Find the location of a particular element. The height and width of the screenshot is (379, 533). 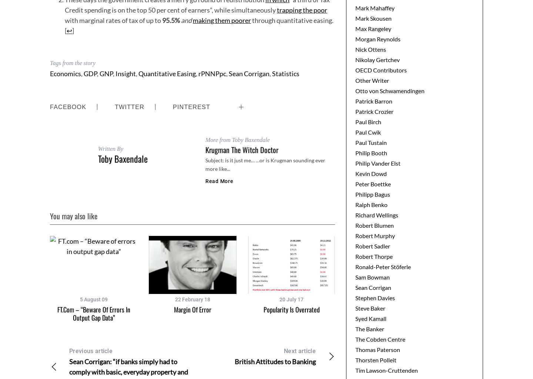

'Paul Birch' is located at coordinates (368, 121).